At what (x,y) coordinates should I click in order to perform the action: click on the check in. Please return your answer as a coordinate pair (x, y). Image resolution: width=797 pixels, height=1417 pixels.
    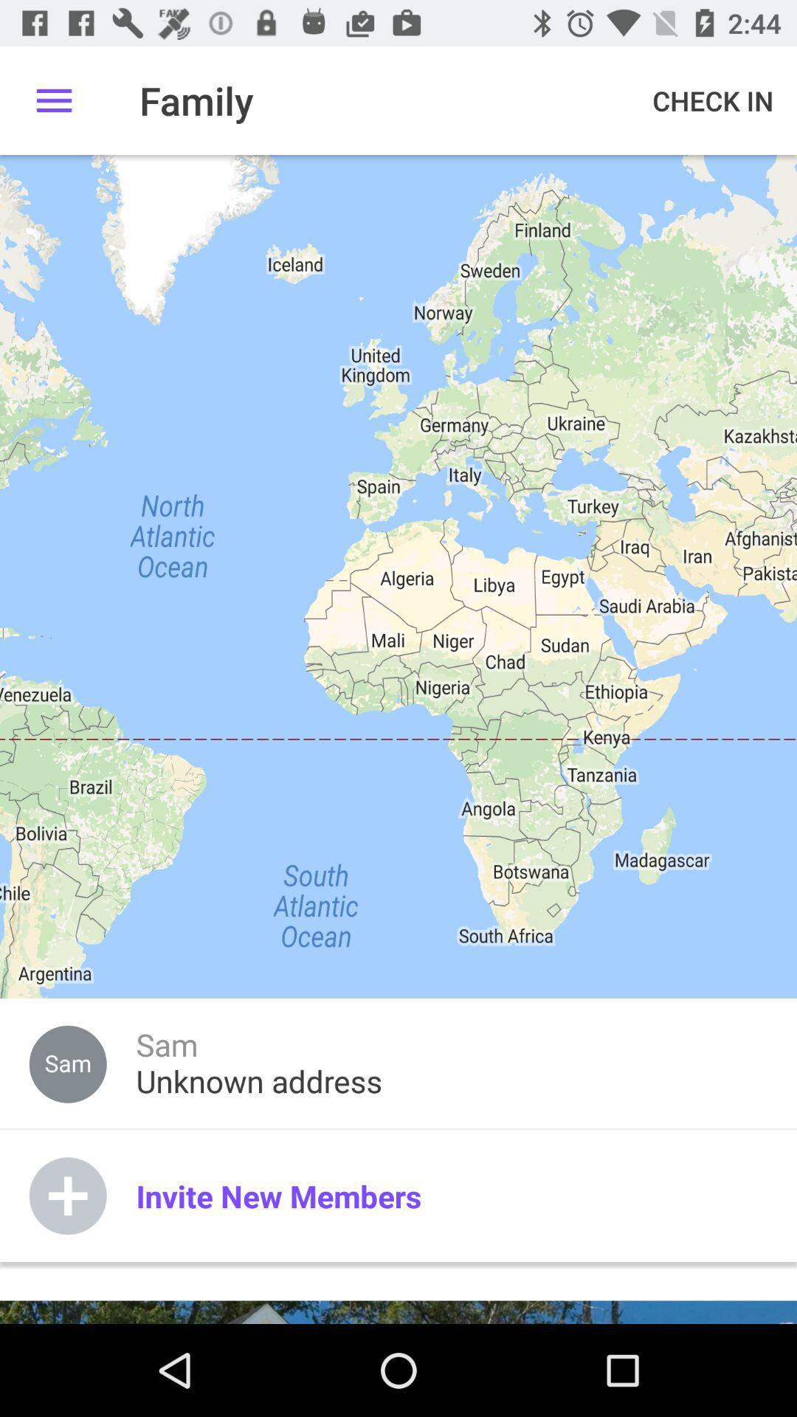
    Looking at the image, I should click on (712, 100).